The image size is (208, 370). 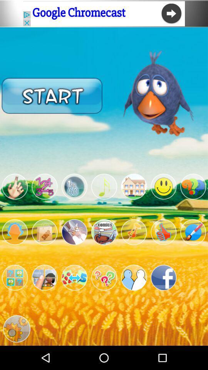 What do you see at coordinates (52, 95) in the screenshot?
I see `start` at bounding box center [52, 95].